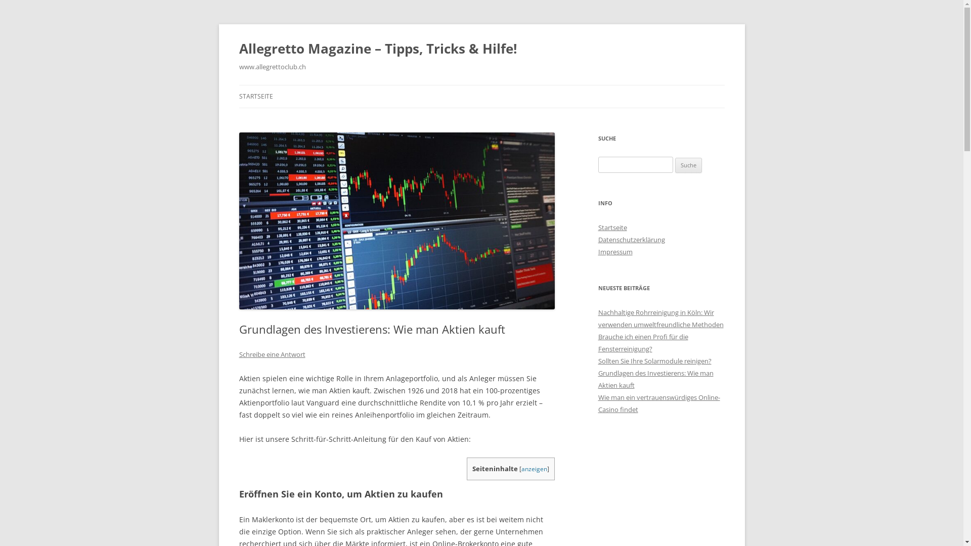 This screenshot has width=971, height=546. What do you see at coordinates (481, 84) in the screenshot?
I see `'Zum Inhalt springen'` at bounding box center [481, 84].